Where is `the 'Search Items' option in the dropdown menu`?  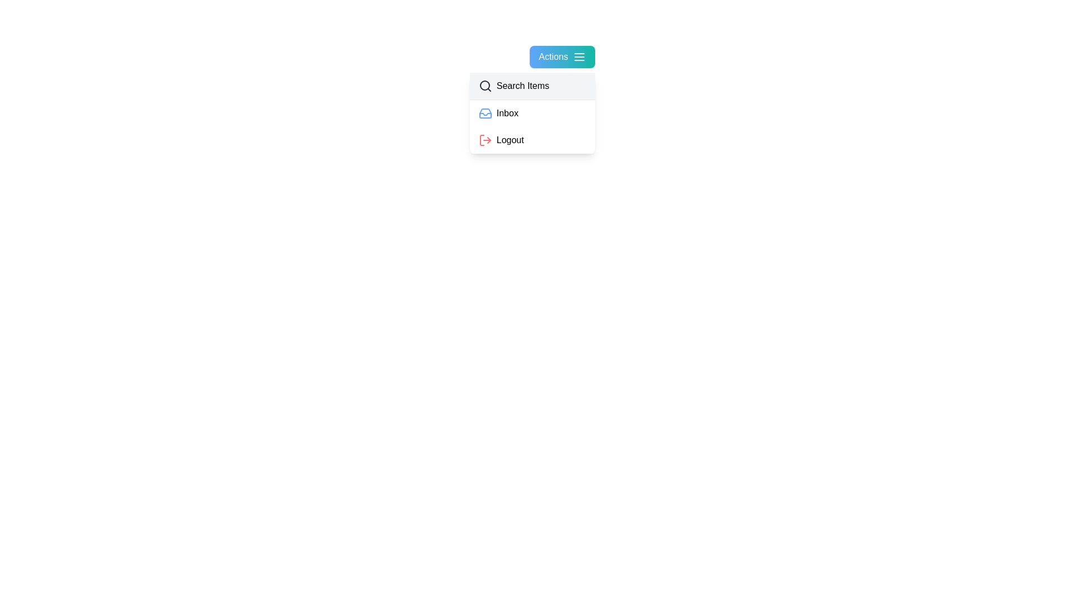
the 'Search Items' option in the dropdown menu is located at coordinates (531, 86).